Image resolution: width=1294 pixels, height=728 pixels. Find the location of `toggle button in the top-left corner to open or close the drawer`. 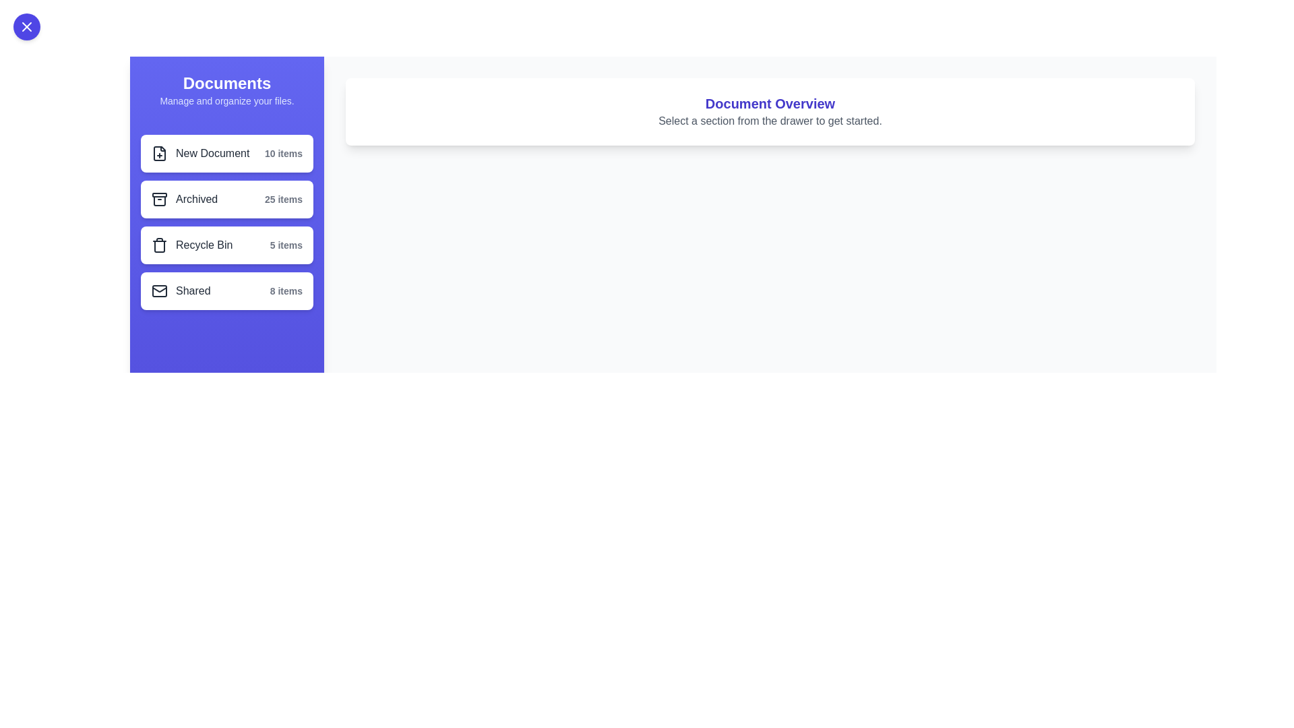

toggle button in the top-left corner to open or close the drawer is located at coordinates (26, 26).